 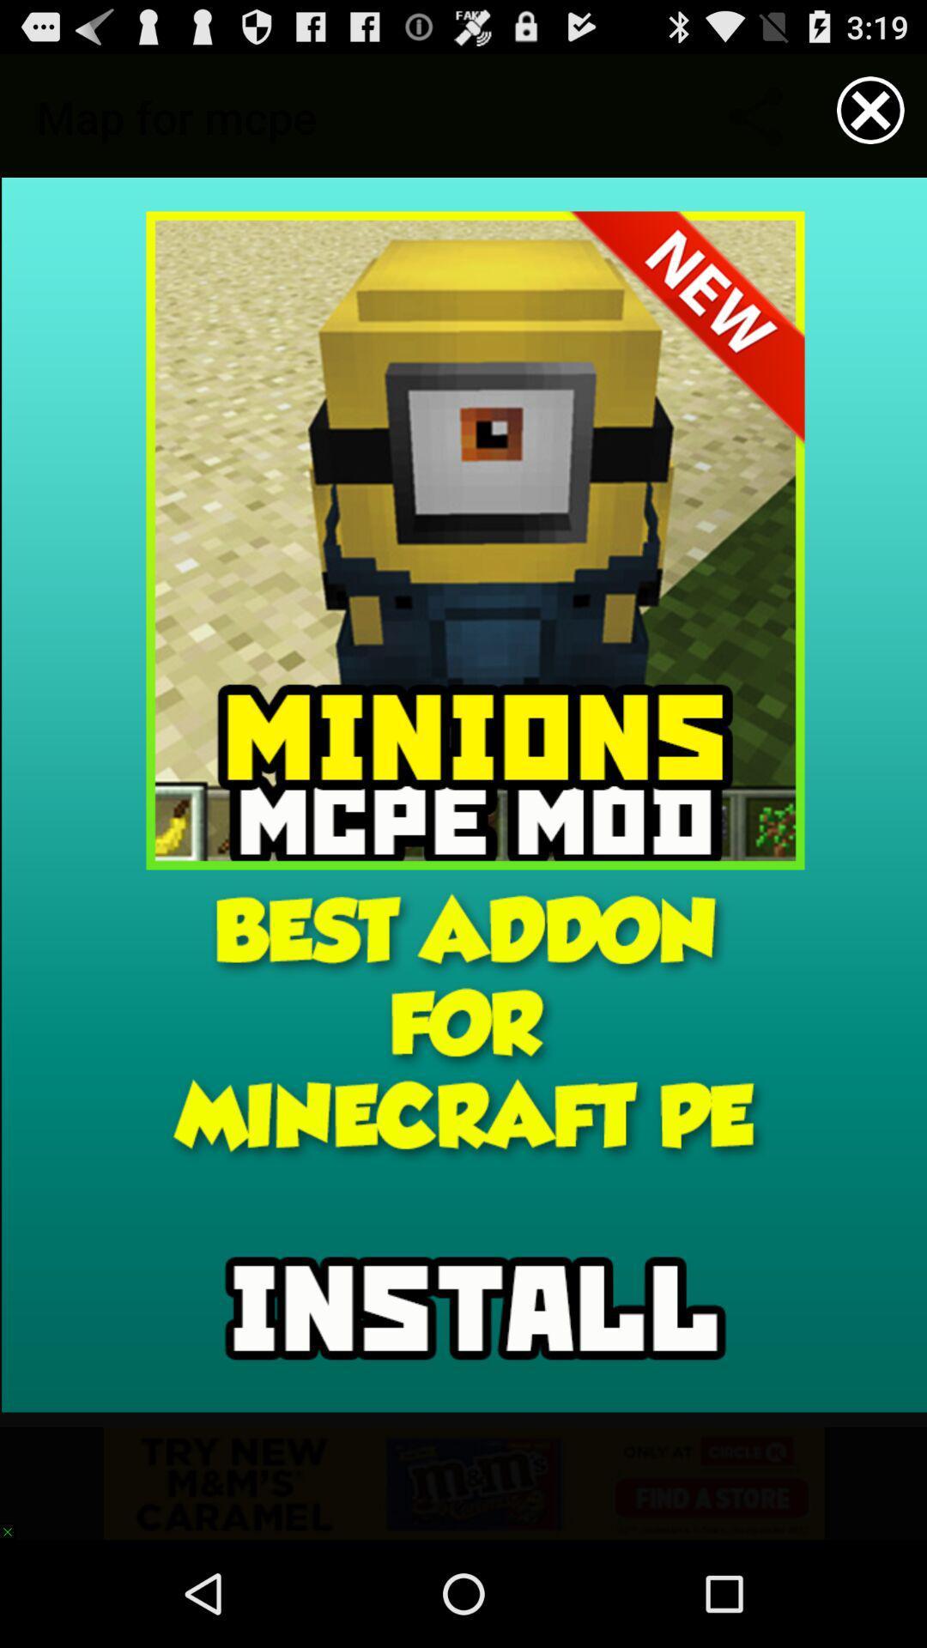 I want to click on the close icon, so click(x=870, y=117).